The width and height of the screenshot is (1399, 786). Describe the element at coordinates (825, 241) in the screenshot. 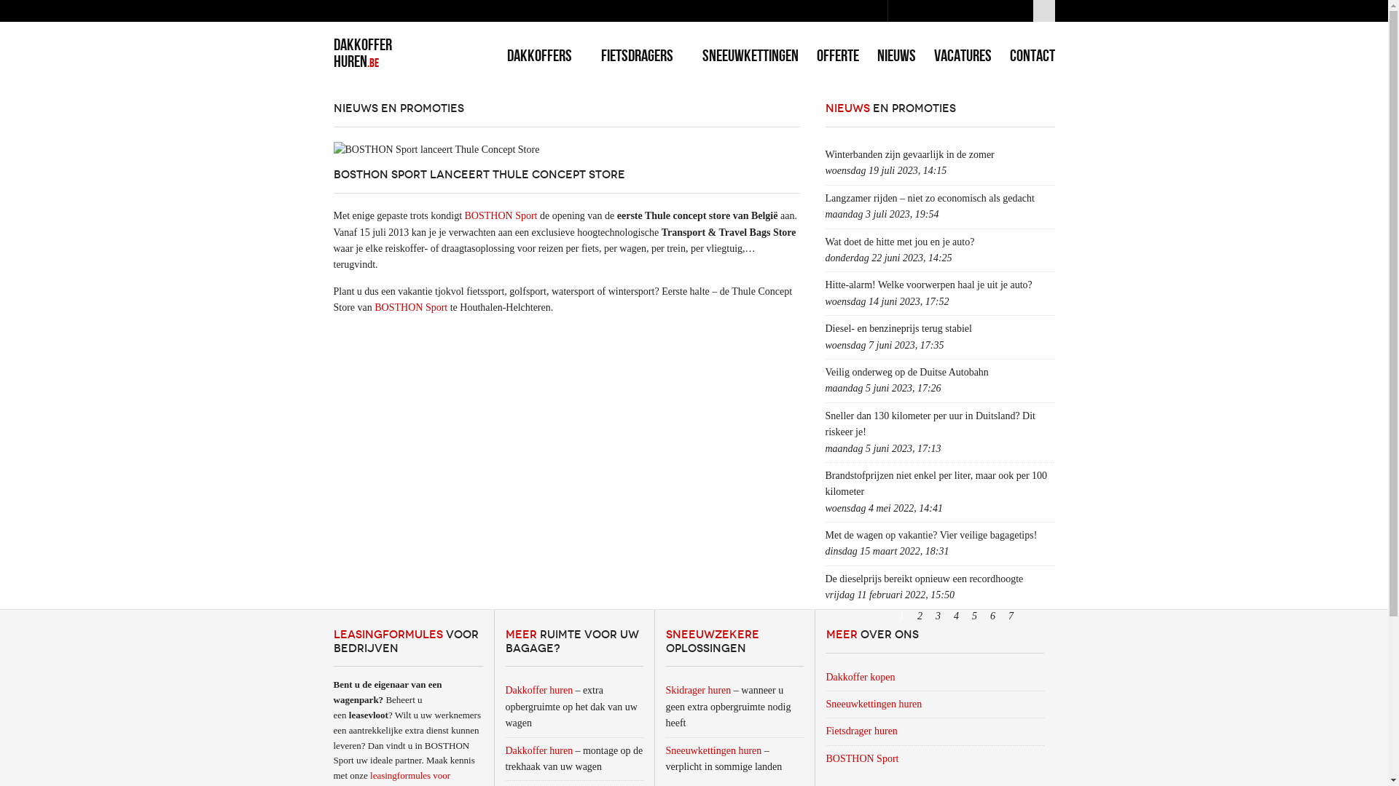

I see `'Wat doet de hitte met jou en je auto?'` at that location.